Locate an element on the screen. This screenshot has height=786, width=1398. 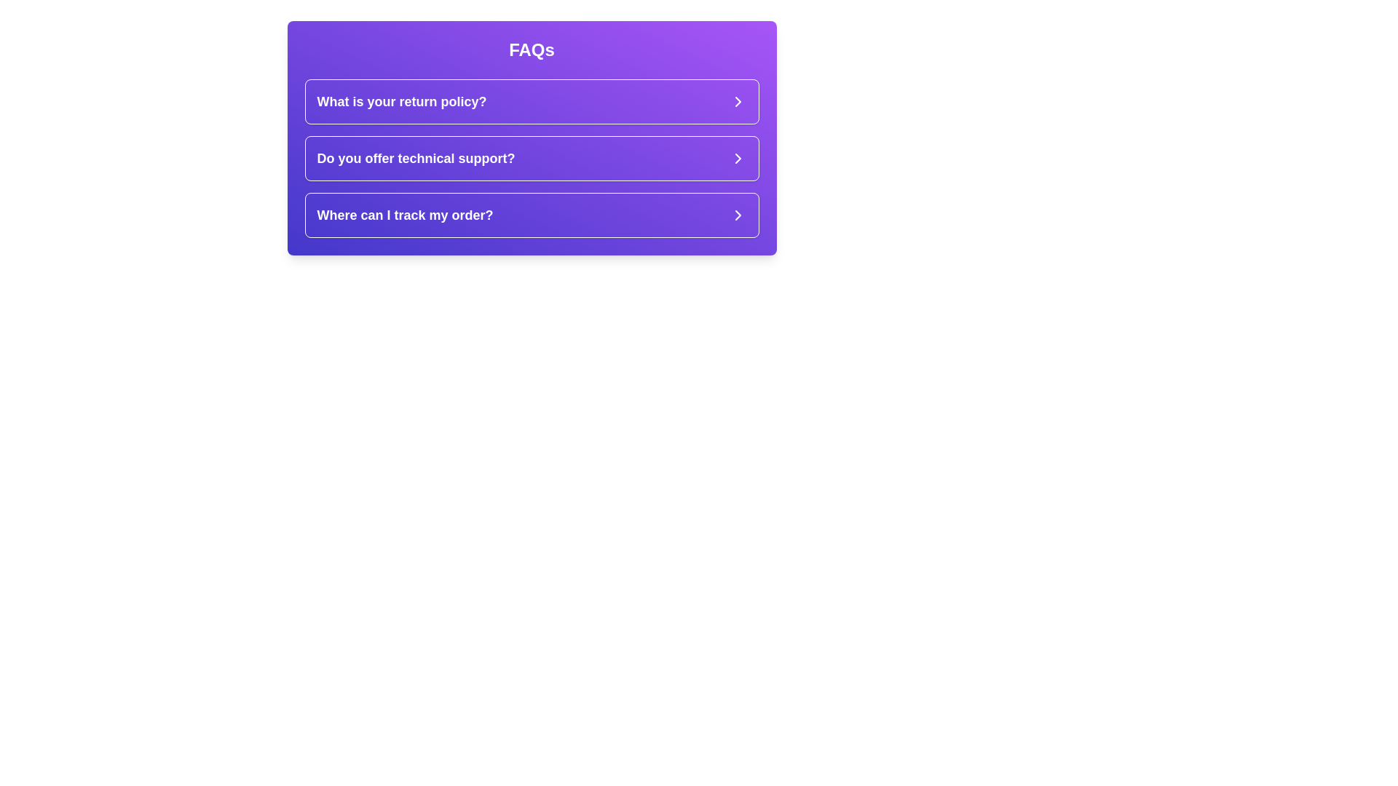
the navigational icon located at the far right of the interactive card labeled 'Do you offer technical support?' is located at coordinates (738, 159).